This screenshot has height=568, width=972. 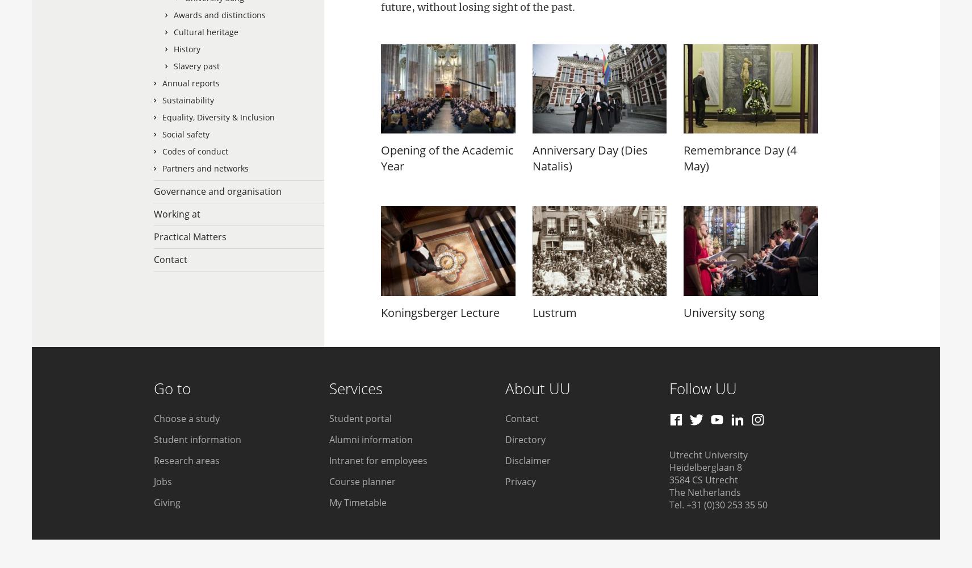 What do you see at coordinates (162, 481) in the screenshot?
I see `'Jobs'` at bounding box center [162, 481].